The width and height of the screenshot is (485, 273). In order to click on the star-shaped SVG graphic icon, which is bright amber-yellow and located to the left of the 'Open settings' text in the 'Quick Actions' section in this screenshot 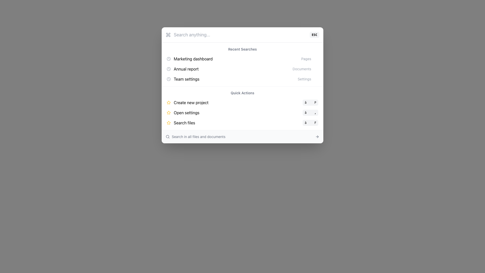, I will do `click(168, 112)`.